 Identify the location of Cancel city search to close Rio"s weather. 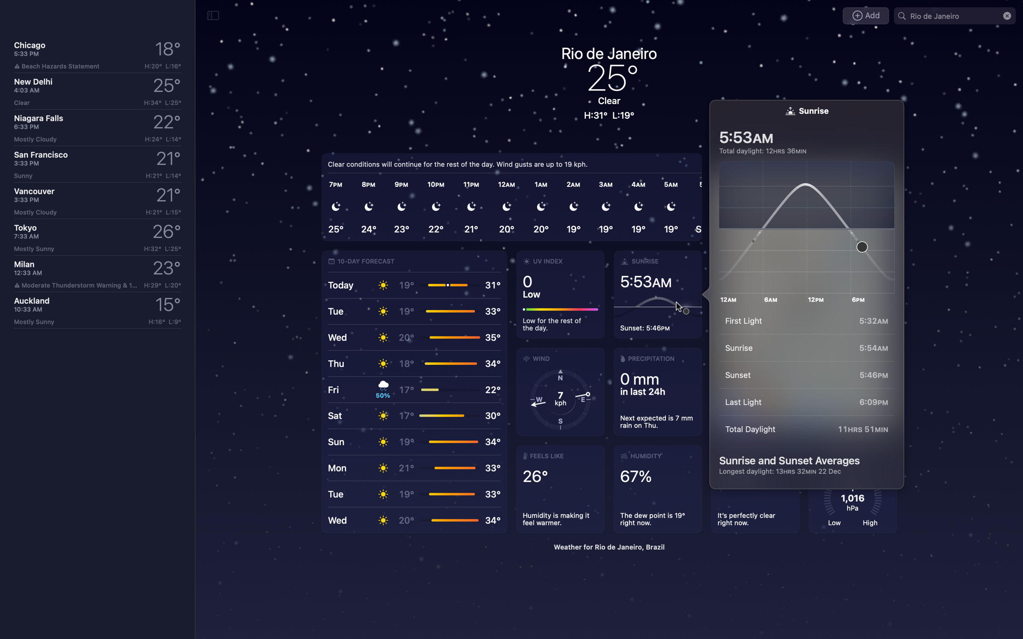
(1007, 16).